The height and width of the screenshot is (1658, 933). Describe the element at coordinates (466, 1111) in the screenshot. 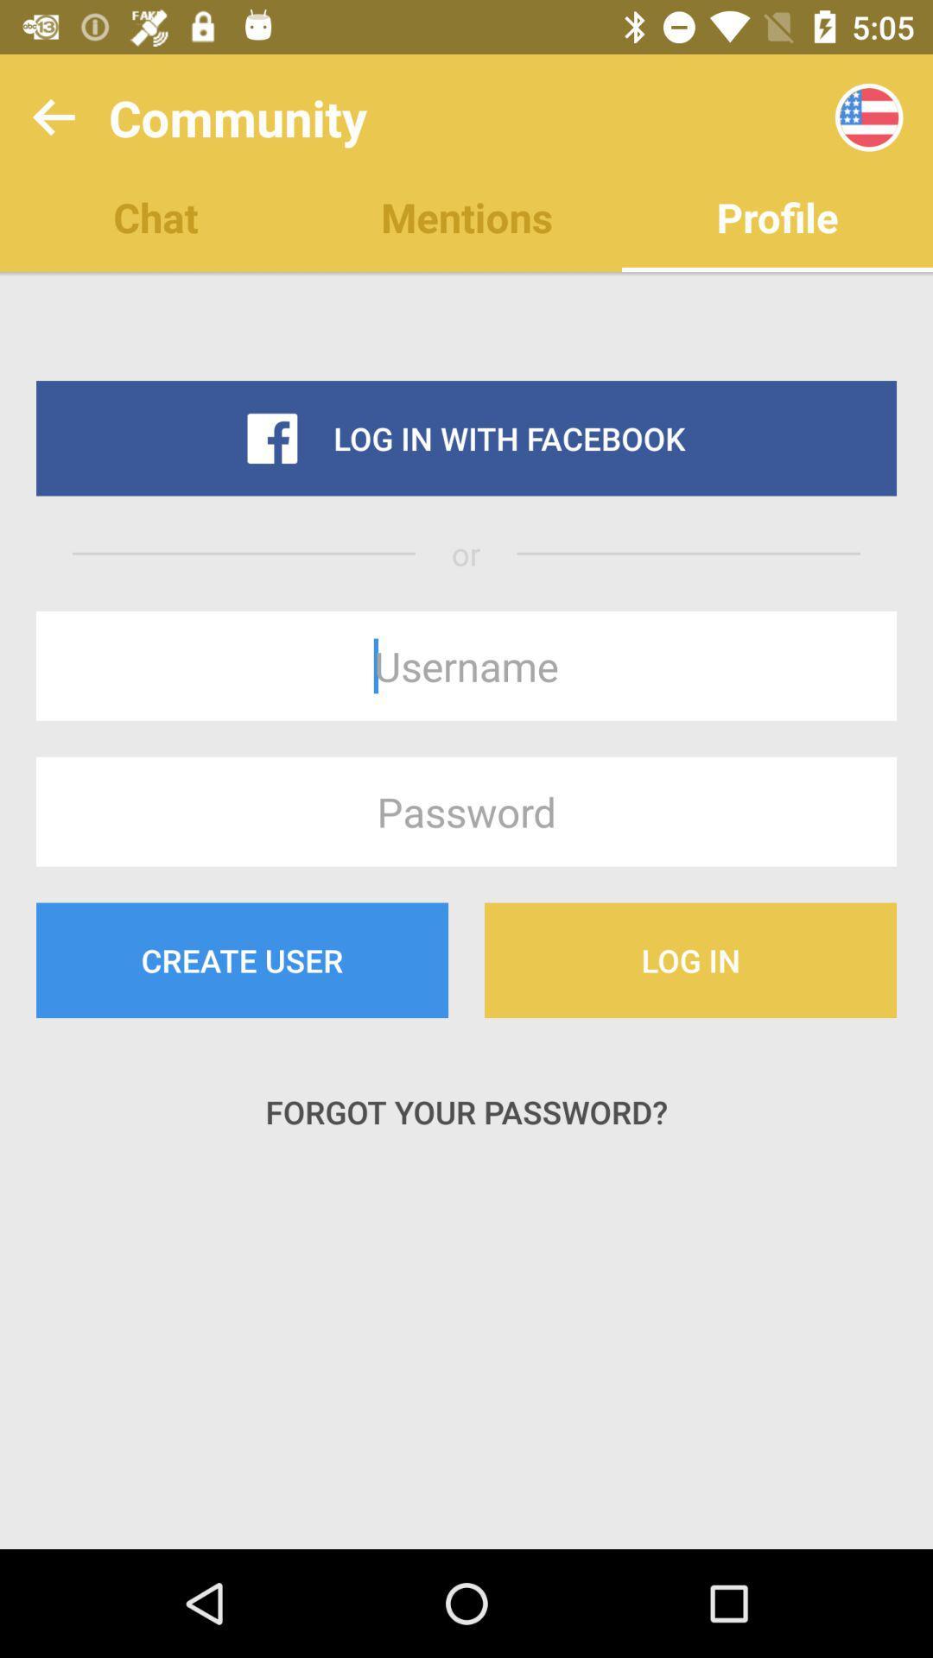

I see `forgot your password? icon` at that location.